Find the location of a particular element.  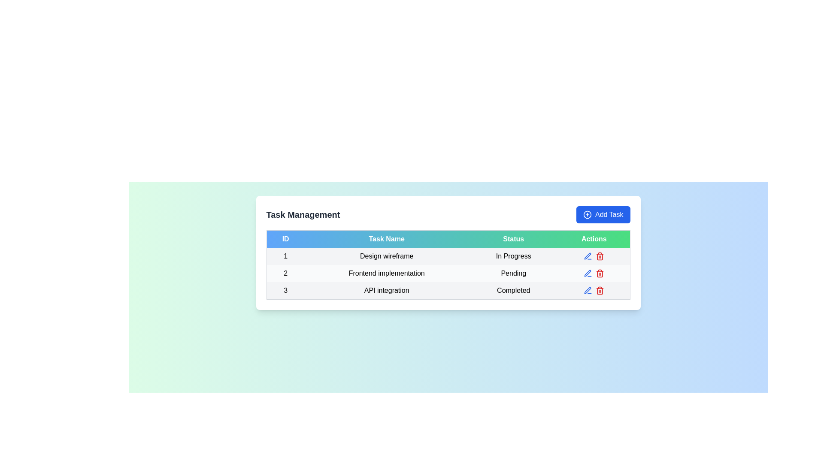

the Text Label that displays the current status of the task, indicating its state as 'Pending', located in the 'Status' column of the second row for the task 'Frontend implementation' is located at coordinates (513, 273).